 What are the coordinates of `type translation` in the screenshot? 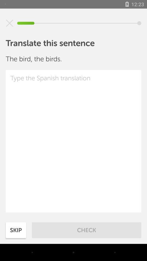 It's located at (73, 141).